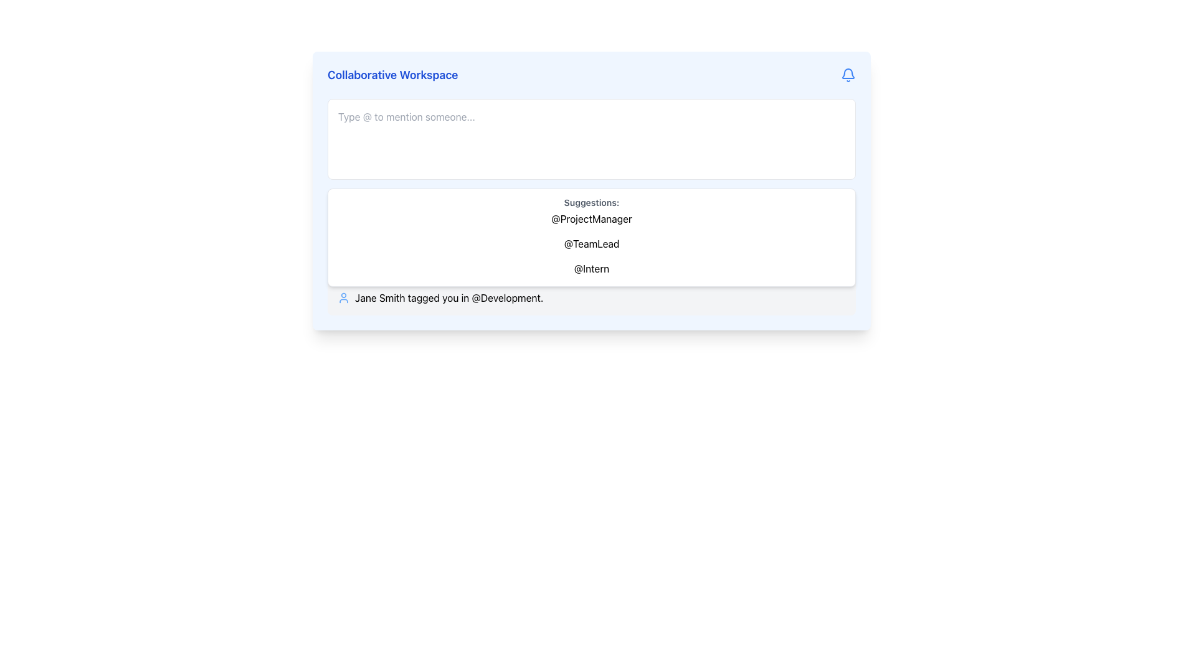  Describe the element at coordinates (591, 268) in the screenshot. I see `the text label reading '@Intern'` at that location.